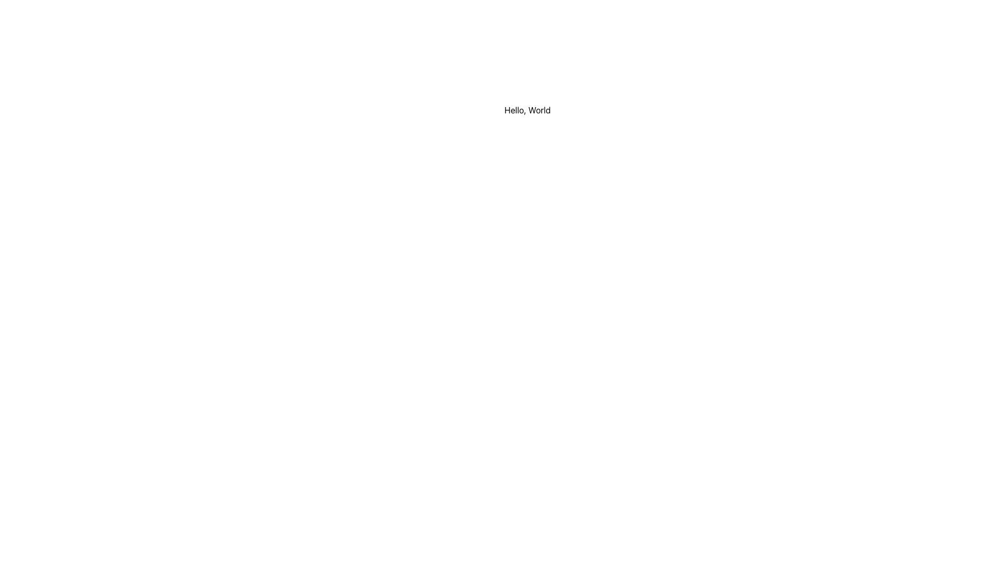 This screenshot has height=567, width=1008. What do you see at coordinates (527, 110) in the screenshot?
I see `the static text display element that presents the message 'Hello, World'` at bounding box center [527, 110].